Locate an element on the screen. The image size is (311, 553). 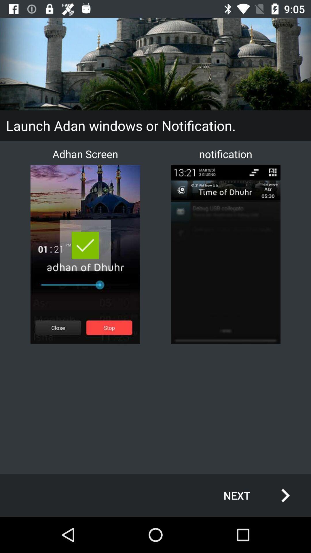
the next is located at coordinates (250, 495).